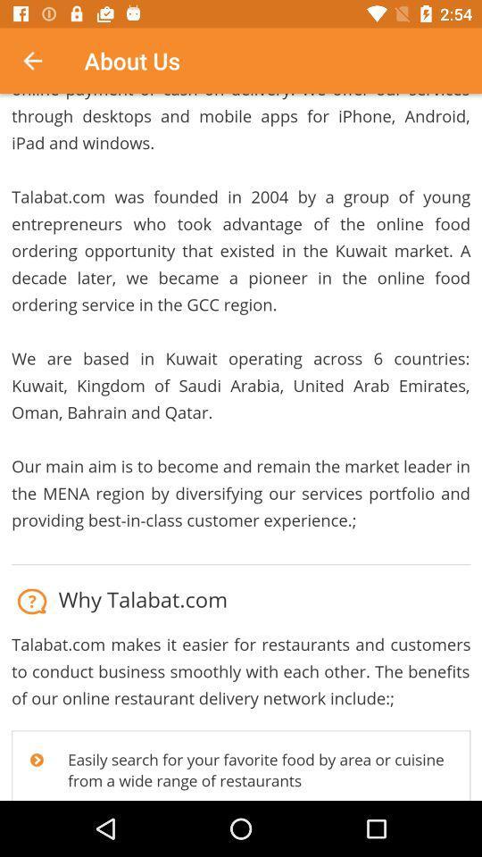 The width and height of the screenshot is (482, 857). I want to click on go back, so click(42, 61).